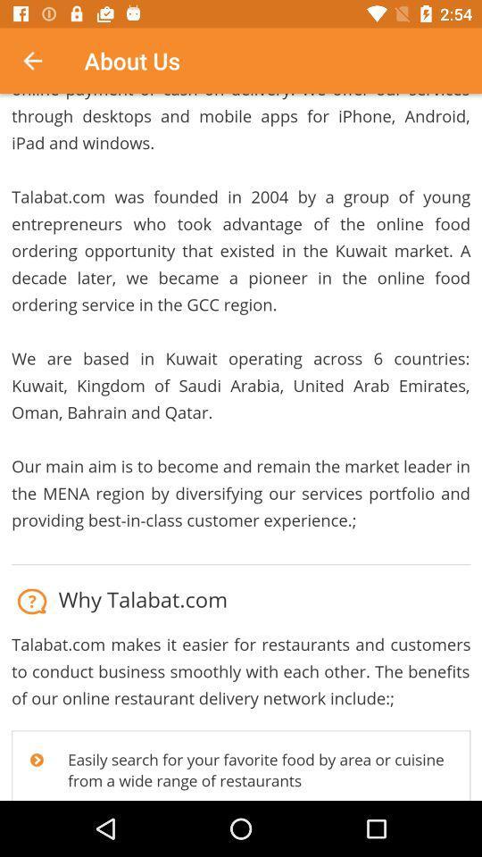 The width and height of the screenshot is (482, 857). I want to click on go back, so click(42, 61).